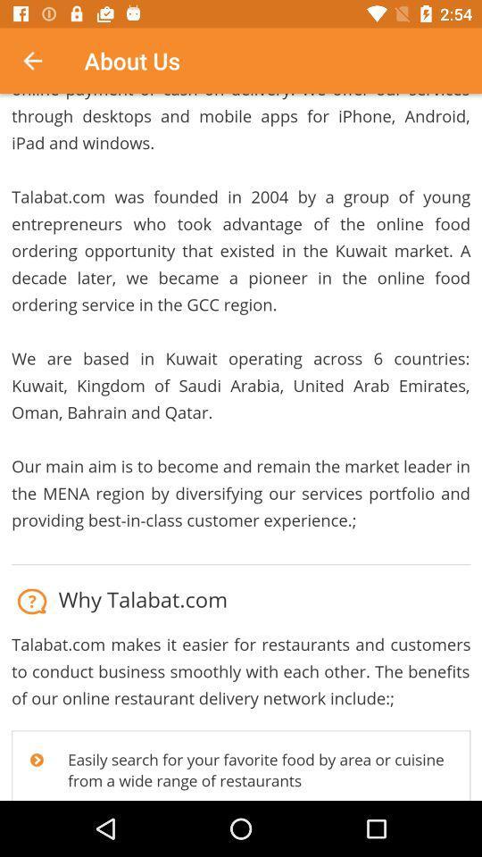 The width and height of the screenshot is (482, 857). I want to click on go back, so click(42, 61).